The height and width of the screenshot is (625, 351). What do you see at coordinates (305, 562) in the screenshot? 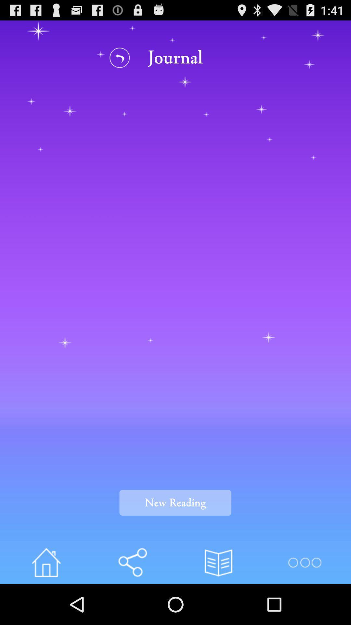
I see `settings or menu` at bounding box center [305, 562].